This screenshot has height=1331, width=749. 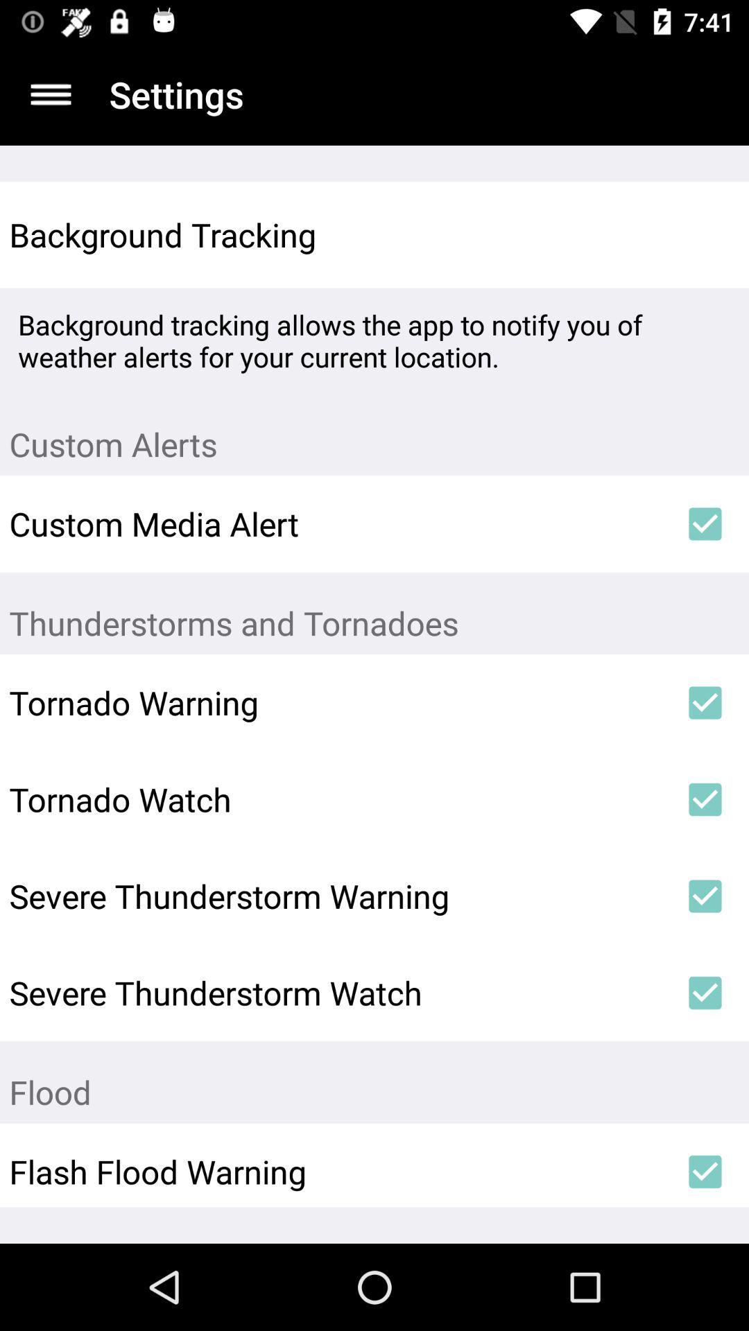 I want to click on the item to the right of the tornado watch icon, so click(x=705, y=799).